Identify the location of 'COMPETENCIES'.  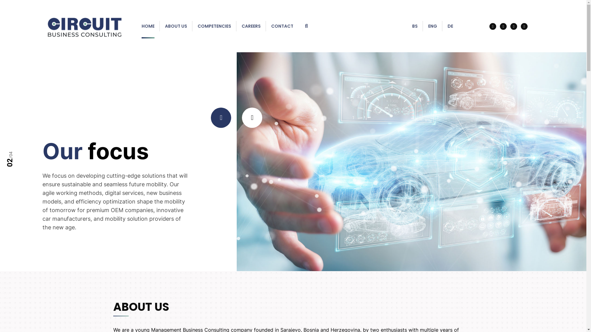
(214, 26).